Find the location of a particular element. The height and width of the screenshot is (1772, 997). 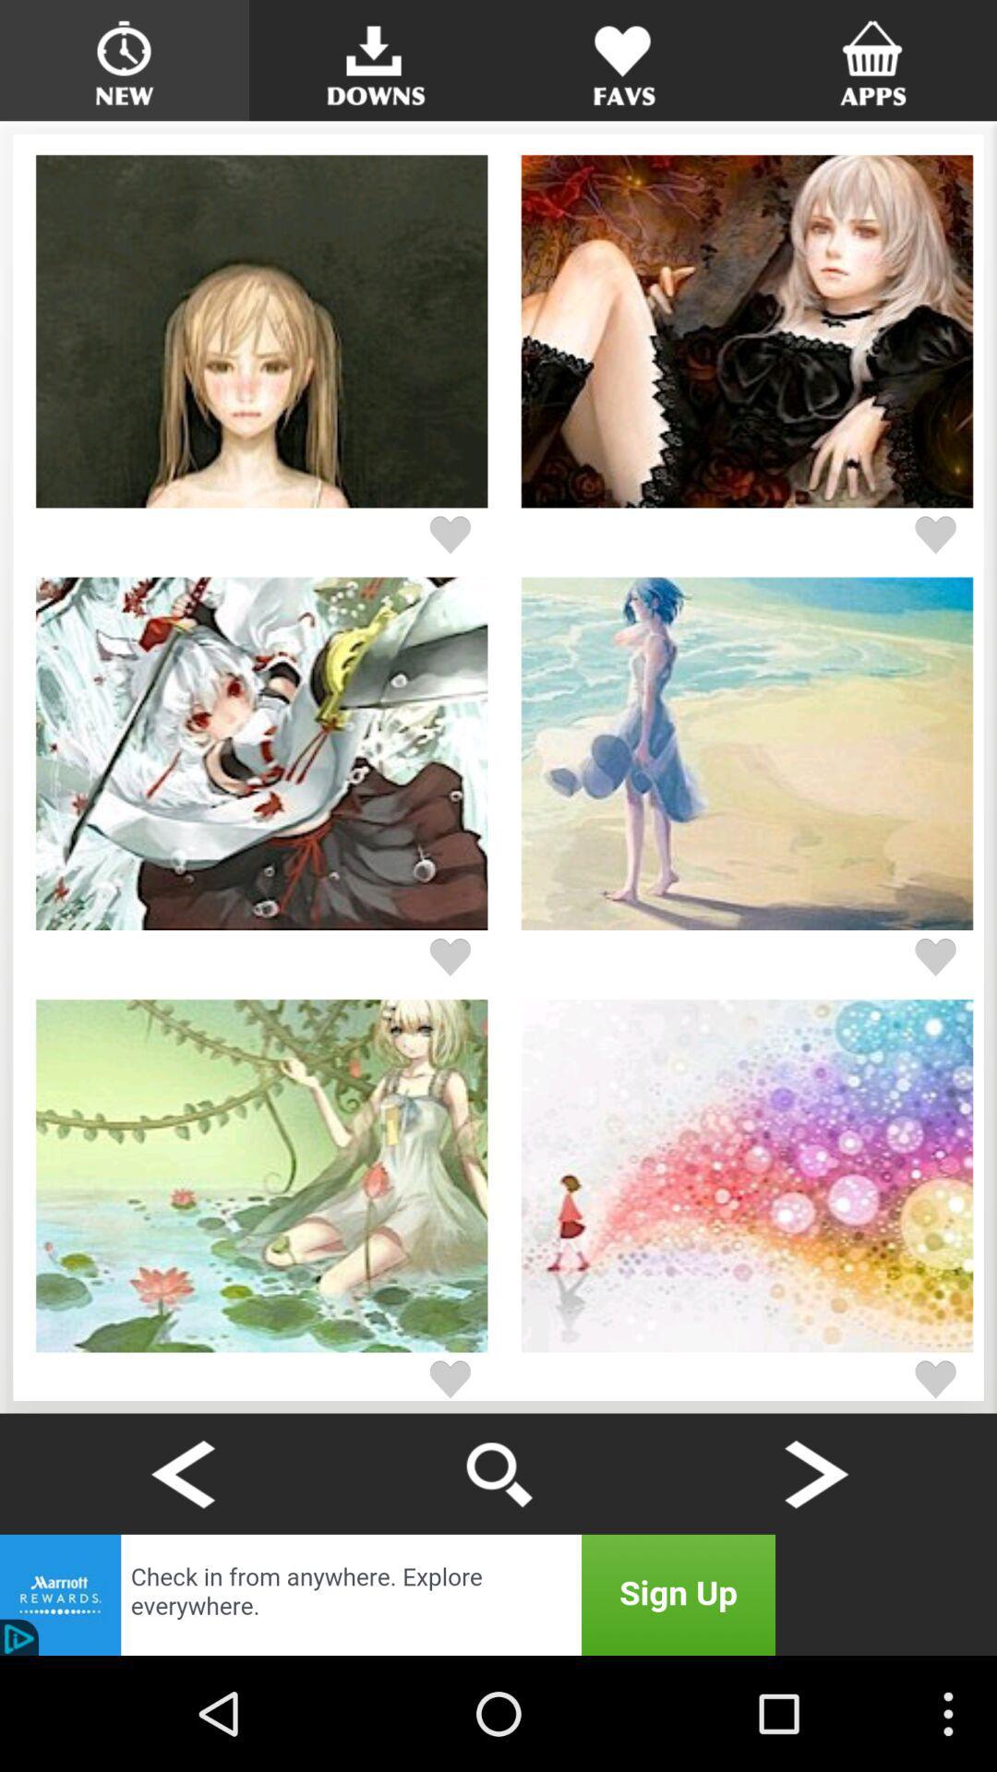

the arrow_backward icon is located at coordinates (181, 1576).